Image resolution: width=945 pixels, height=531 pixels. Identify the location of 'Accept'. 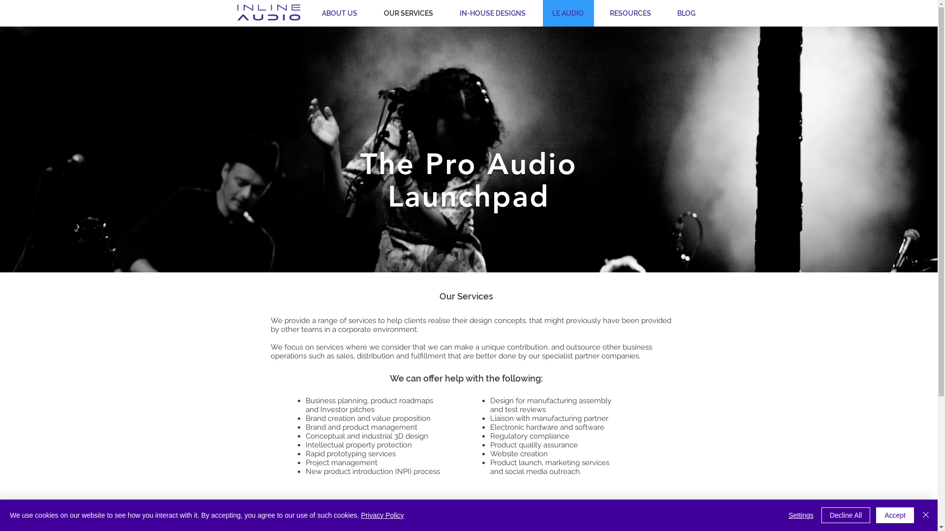
(895, 515).